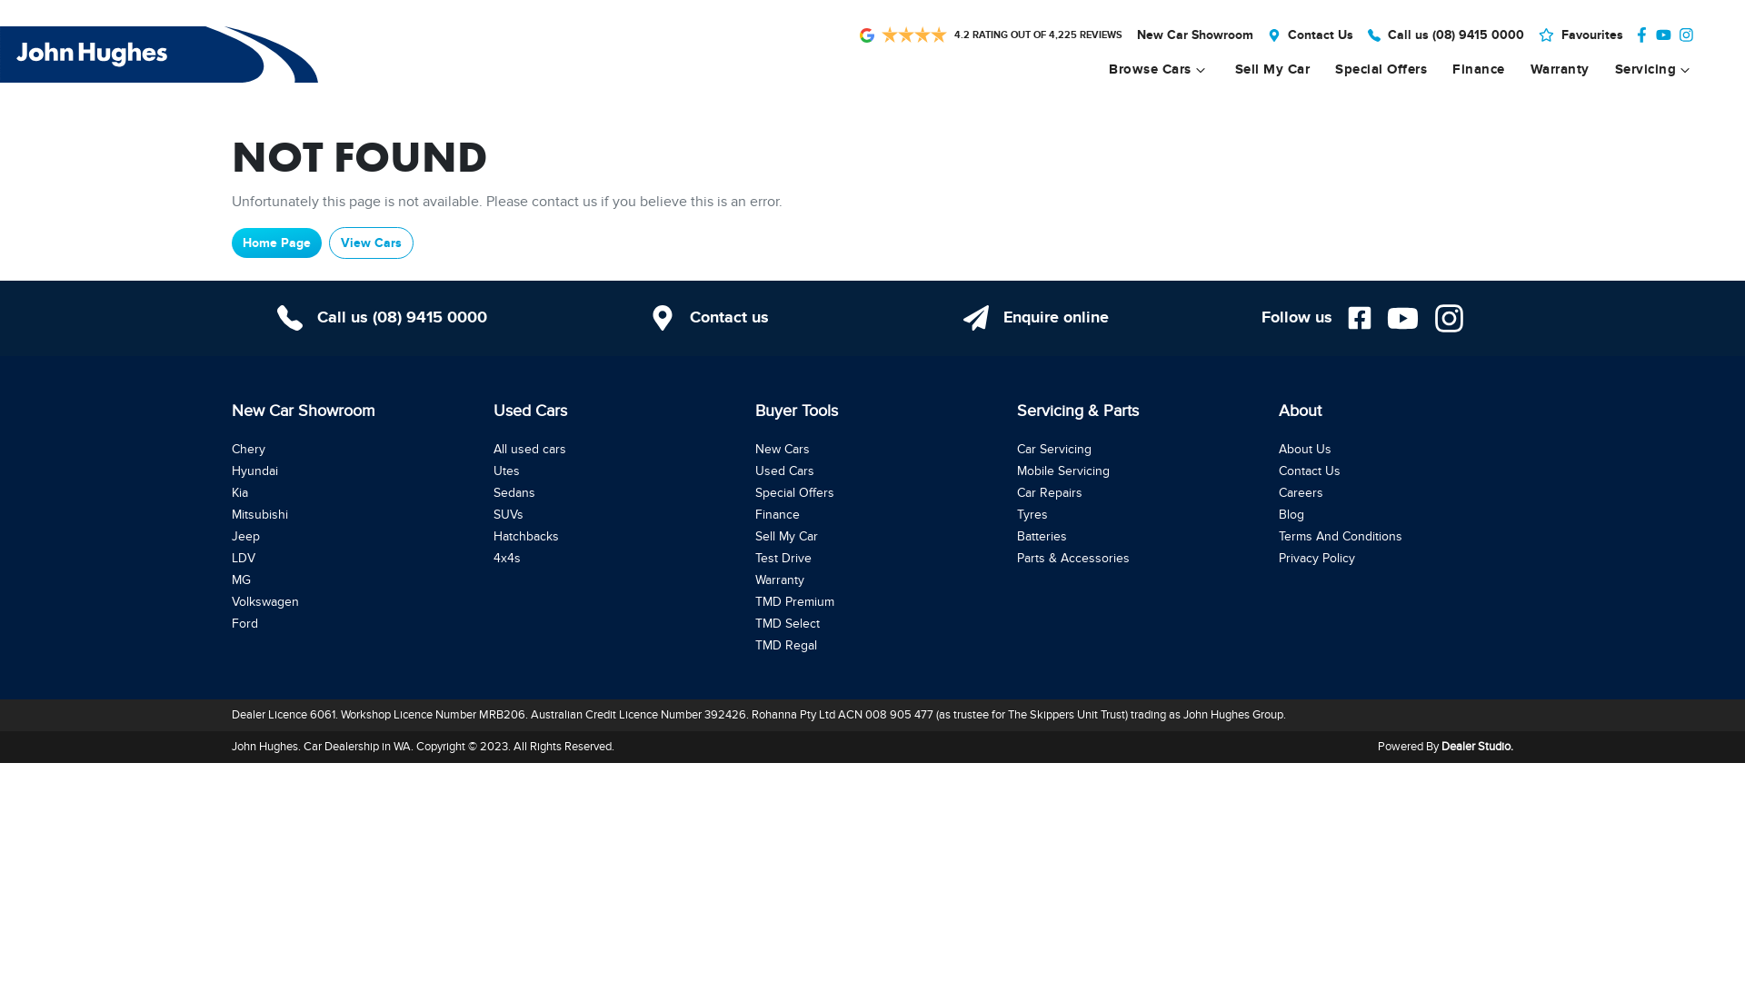 The image size is (1745, 981). What do you see at coordinates (1152, 69) in the screenshot?
I see `'Browse Cars'` at bounding box center [1152, 69].